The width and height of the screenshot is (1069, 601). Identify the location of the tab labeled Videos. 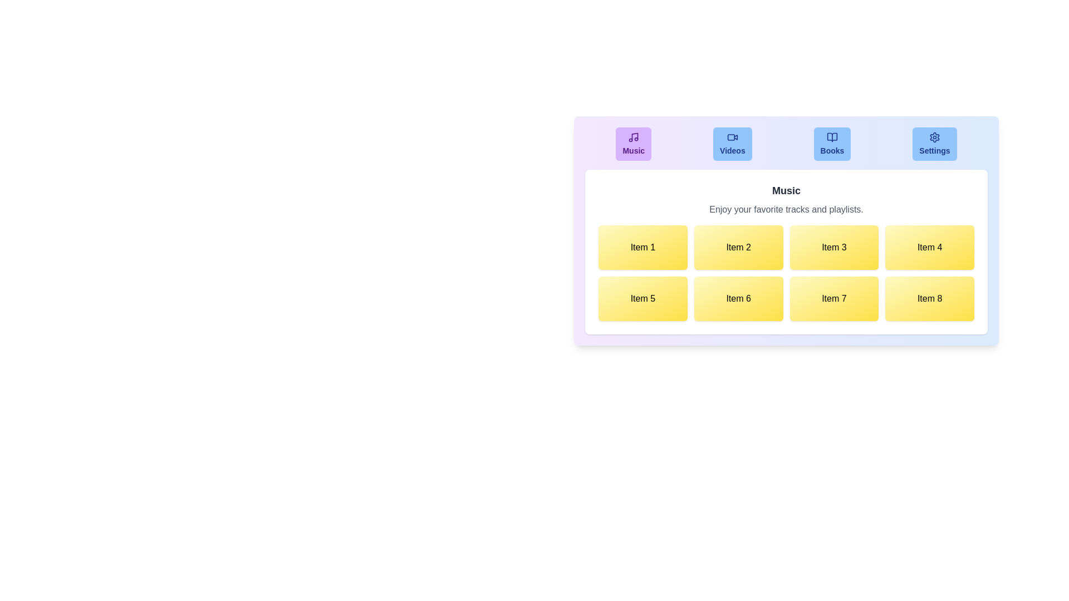
(732, 143).